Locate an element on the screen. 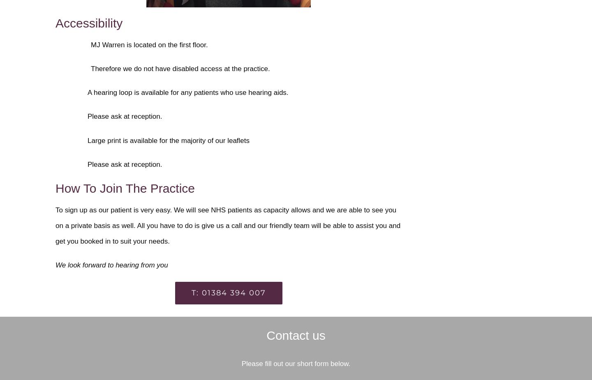  'Contact us' is located at coordinates (296, 335).